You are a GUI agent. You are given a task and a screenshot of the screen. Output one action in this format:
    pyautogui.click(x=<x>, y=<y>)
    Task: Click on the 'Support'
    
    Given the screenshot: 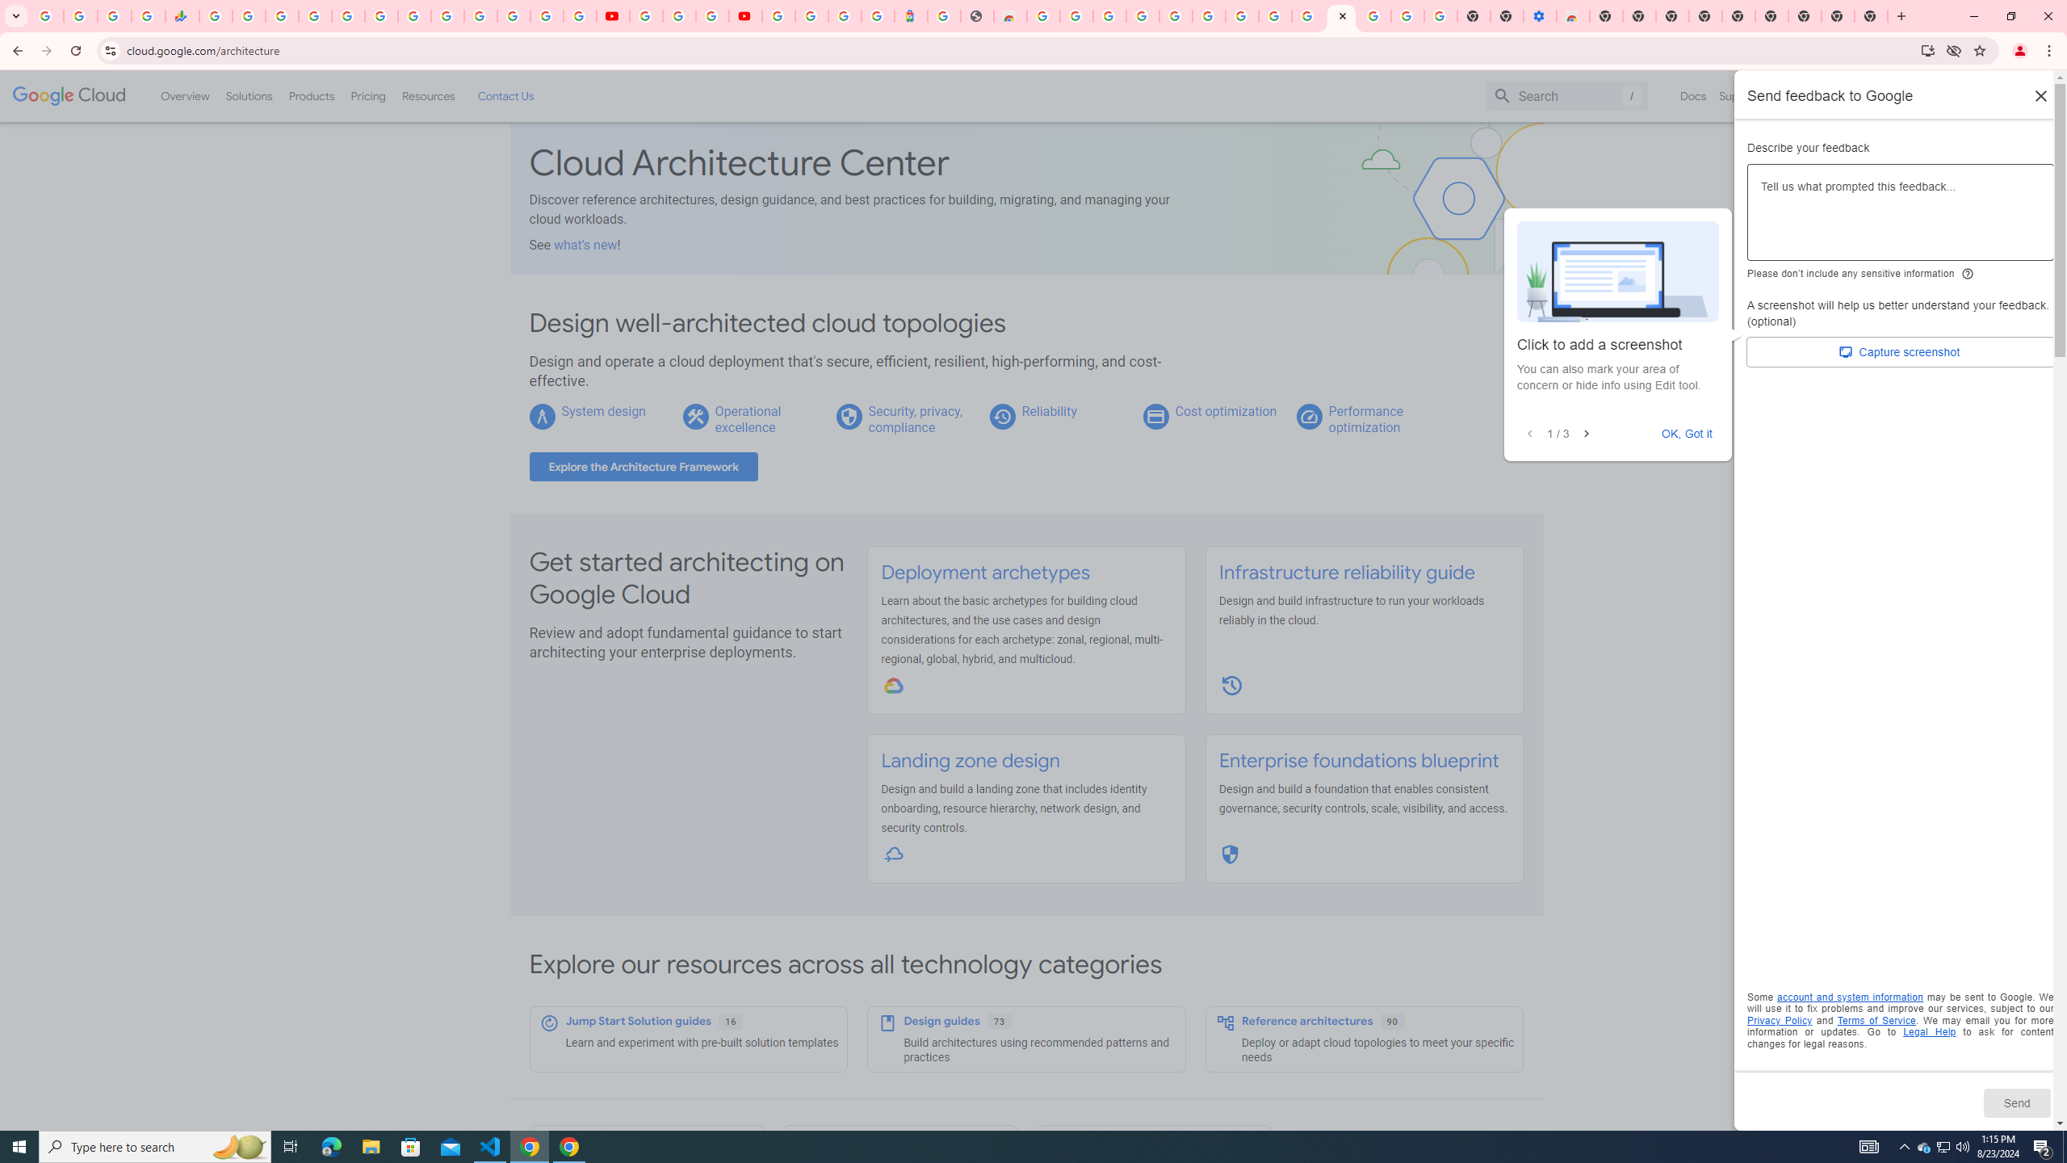 What is the action you would take?
    pyautogui.click(x=1740, y=95)
    